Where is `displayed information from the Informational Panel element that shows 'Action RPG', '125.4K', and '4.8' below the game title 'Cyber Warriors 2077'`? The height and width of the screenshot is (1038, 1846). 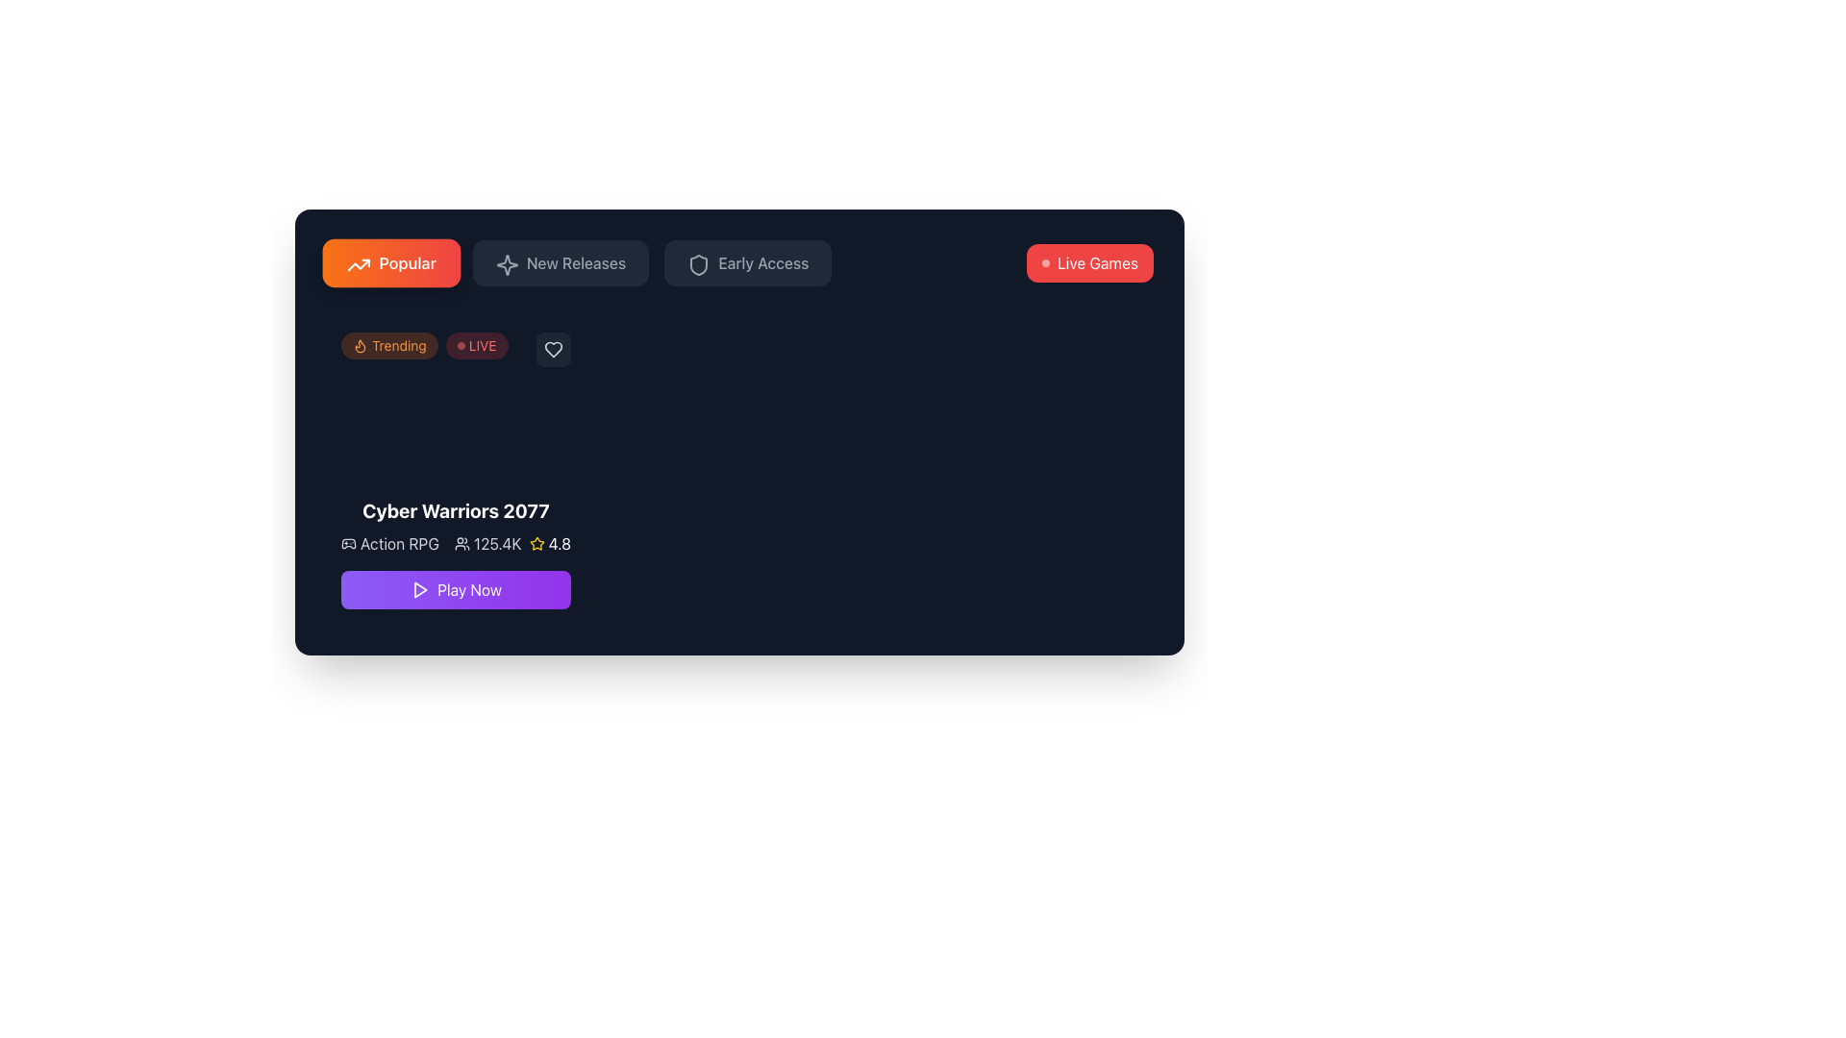 displayed information from the Informational Panel element that shows 'Action RPG', '125.4K', and '4.8' below the game title 'Cyber Warriors 2077' is located at coordinates (455, 544).